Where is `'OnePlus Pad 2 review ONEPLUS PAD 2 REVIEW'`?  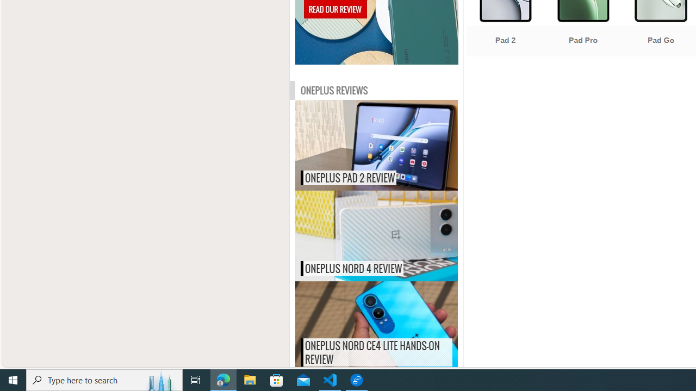 'OnePlus Pad 2 review ONEPLUS PAD 2 REVIEW' is located at coordinates (376, 144).